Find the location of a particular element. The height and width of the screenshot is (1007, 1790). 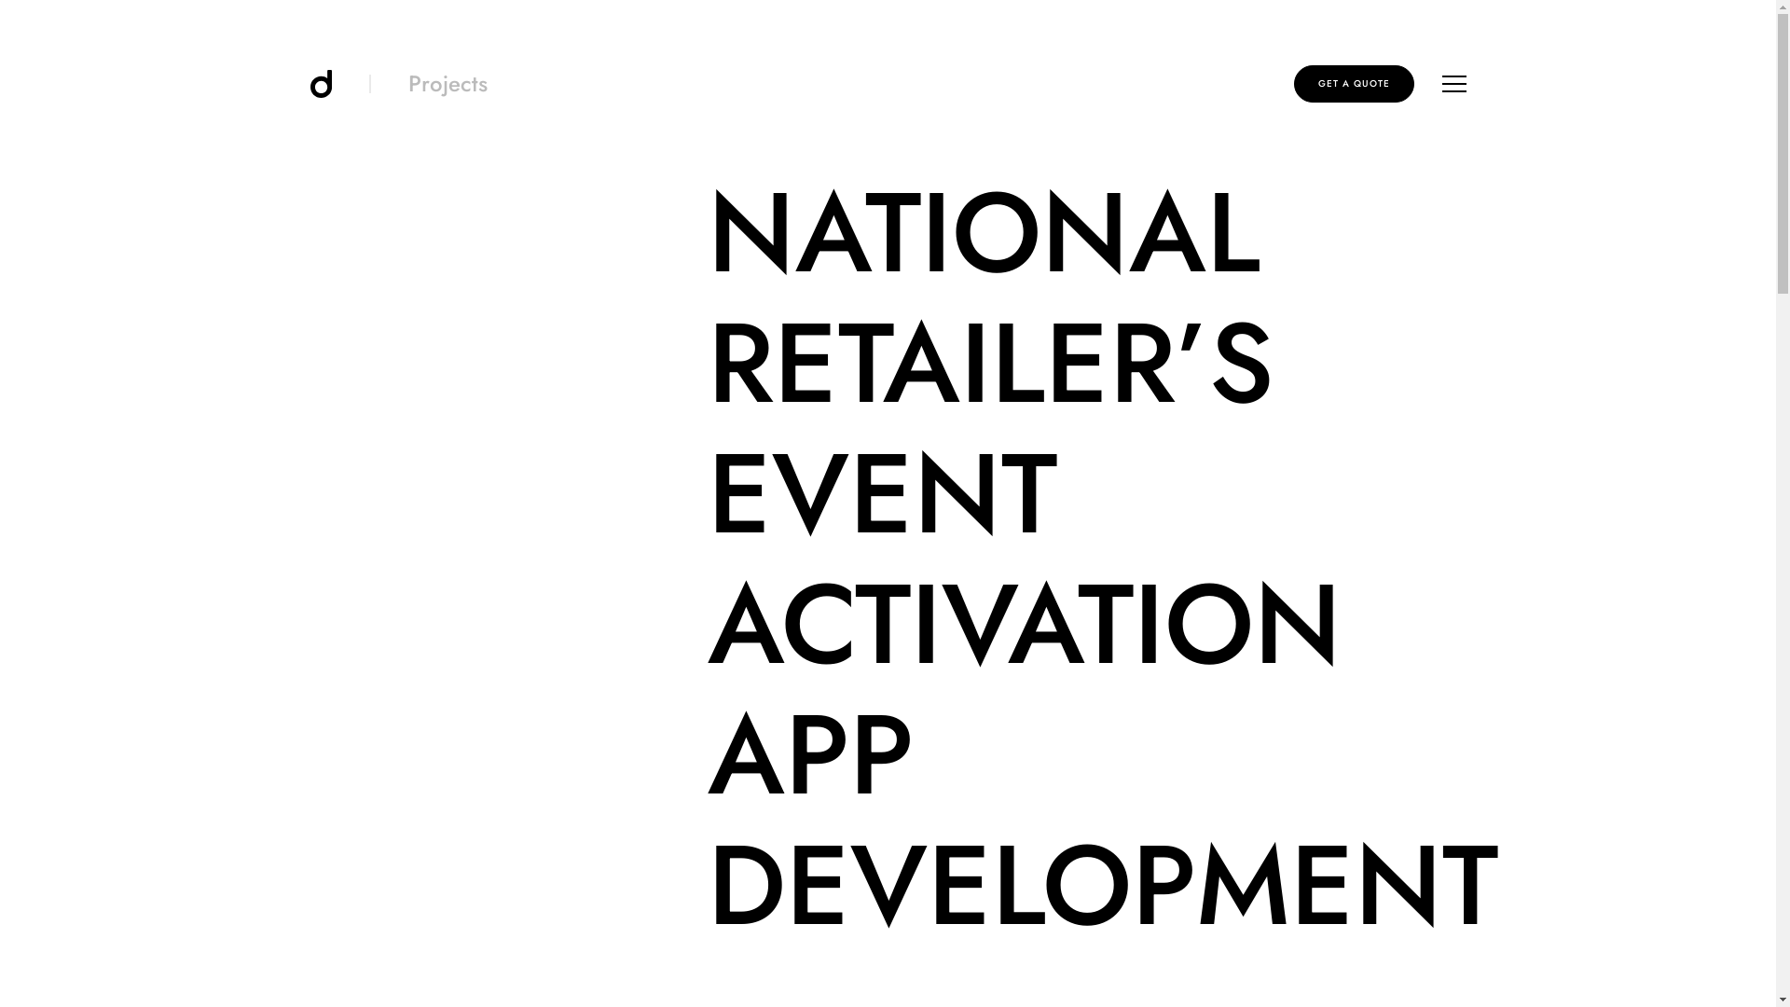

'Projects' is located at coordinates (447, 82).